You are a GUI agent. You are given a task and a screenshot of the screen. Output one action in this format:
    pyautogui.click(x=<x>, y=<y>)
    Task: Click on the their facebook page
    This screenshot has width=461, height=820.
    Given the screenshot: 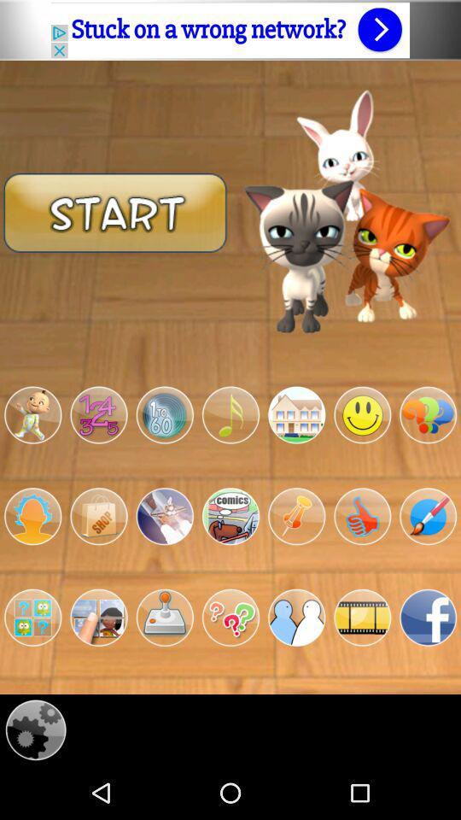 What is the action you would take?
    pyautogui.click(x=427, y=617)
    